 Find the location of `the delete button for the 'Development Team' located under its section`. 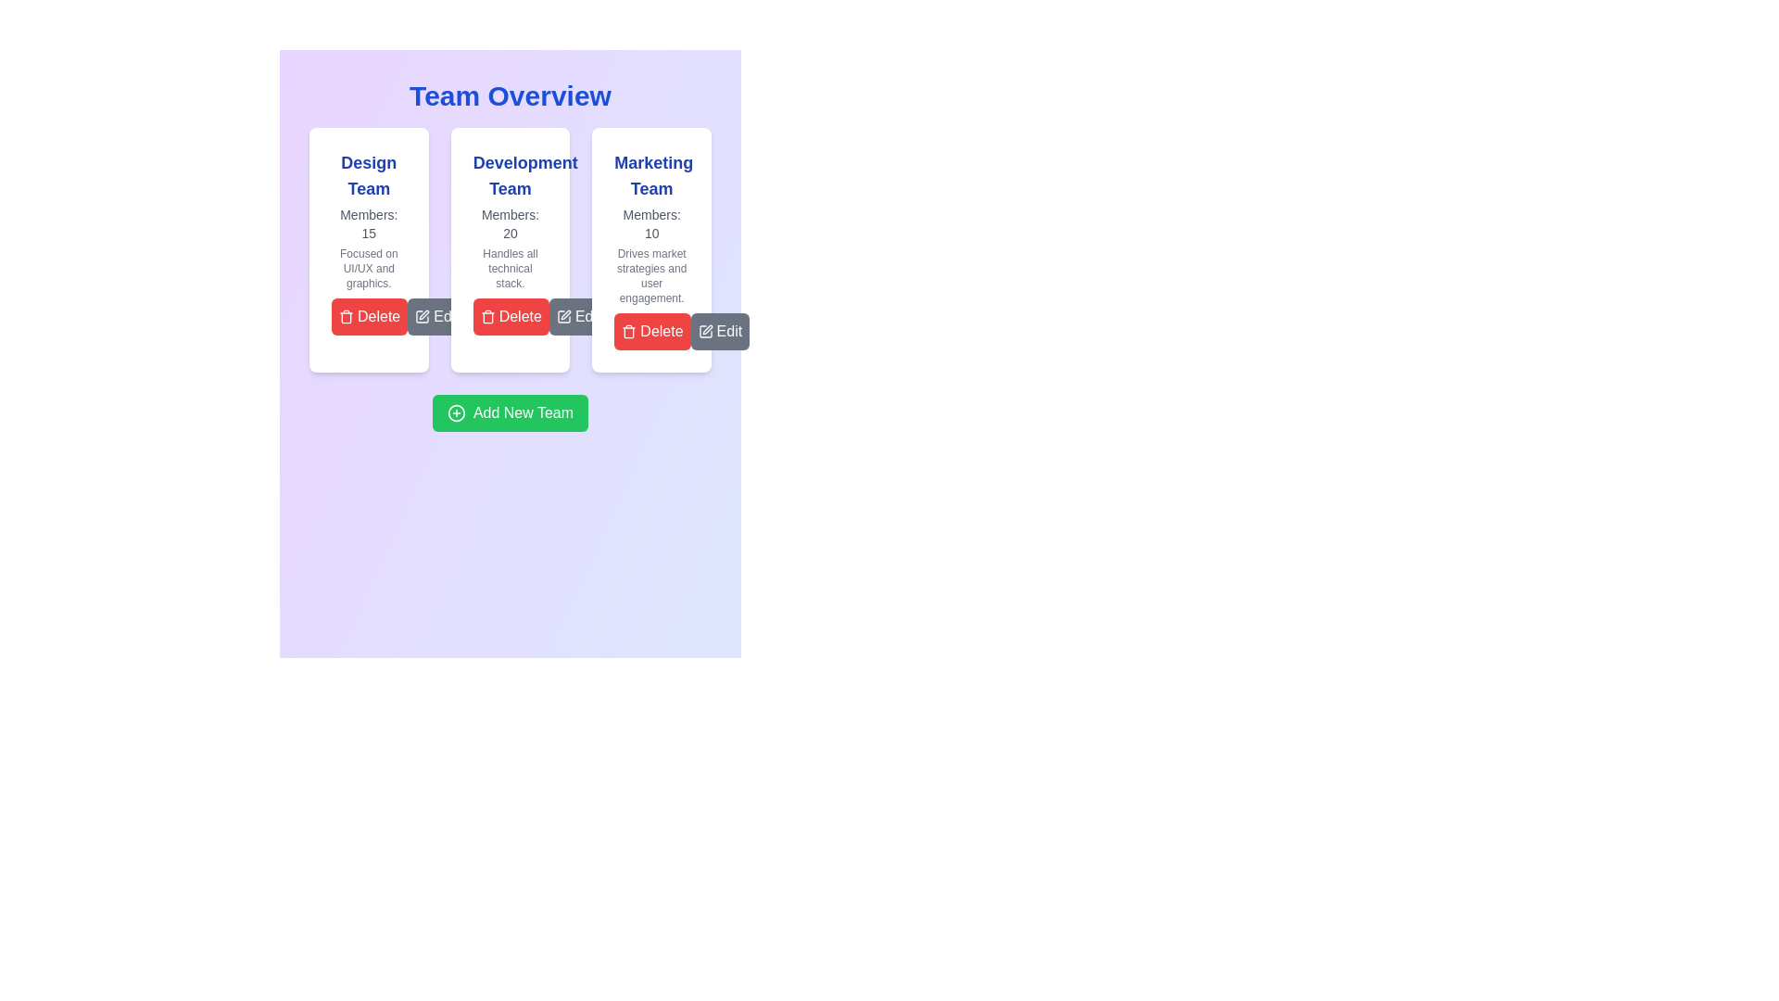

the delete button for the 'Development Team' located under its section is located at coordinates (511, 316).